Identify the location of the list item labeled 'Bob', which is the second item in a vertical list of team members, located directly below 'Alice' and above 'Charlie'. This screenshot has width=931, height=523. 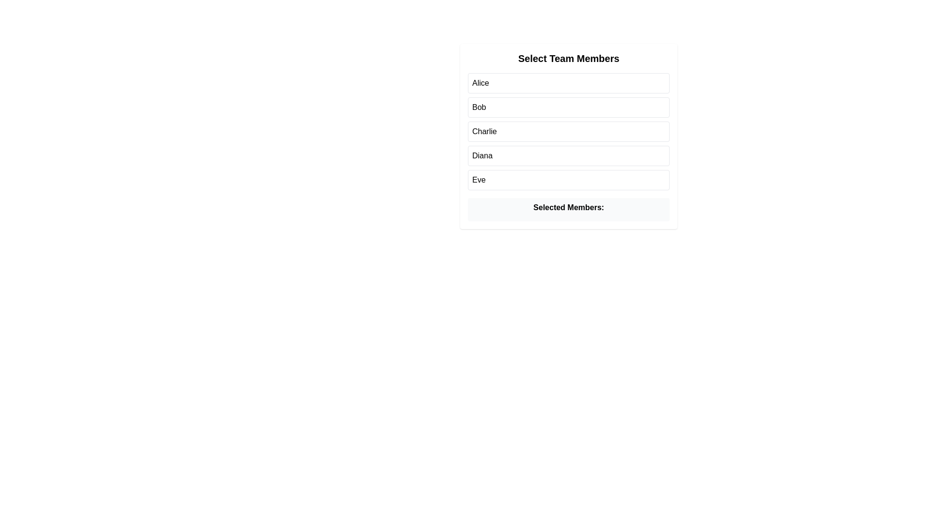
(568, 108).